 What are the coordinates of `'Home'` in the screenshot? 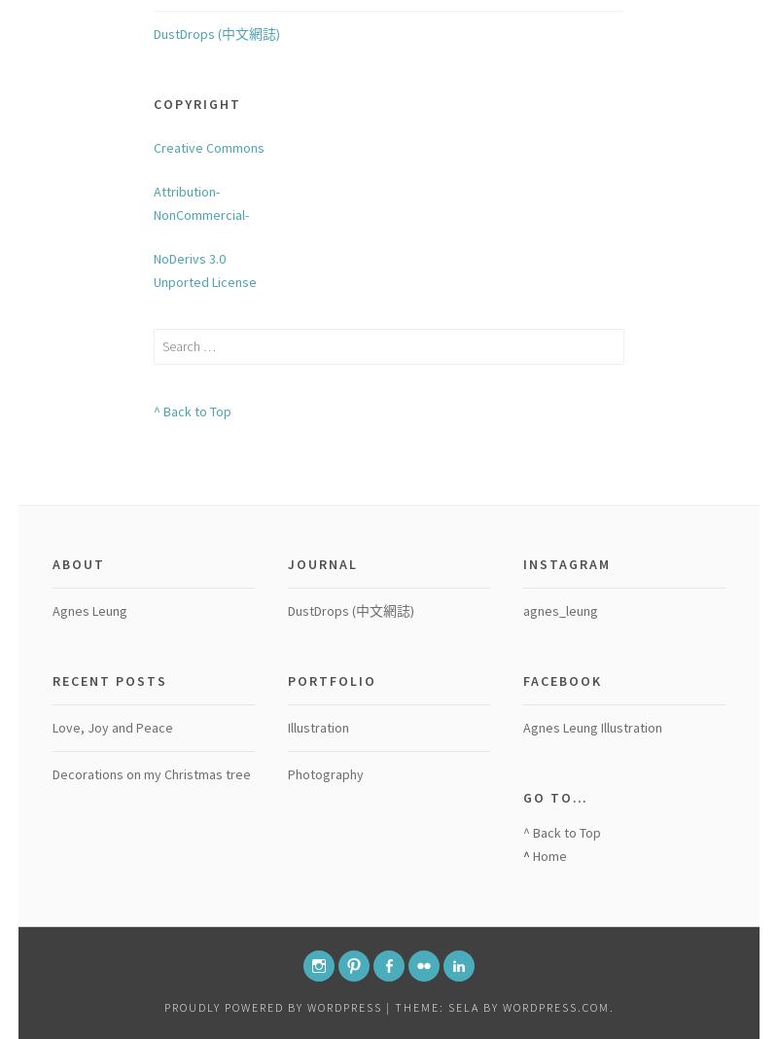 It's located at (549, 853).